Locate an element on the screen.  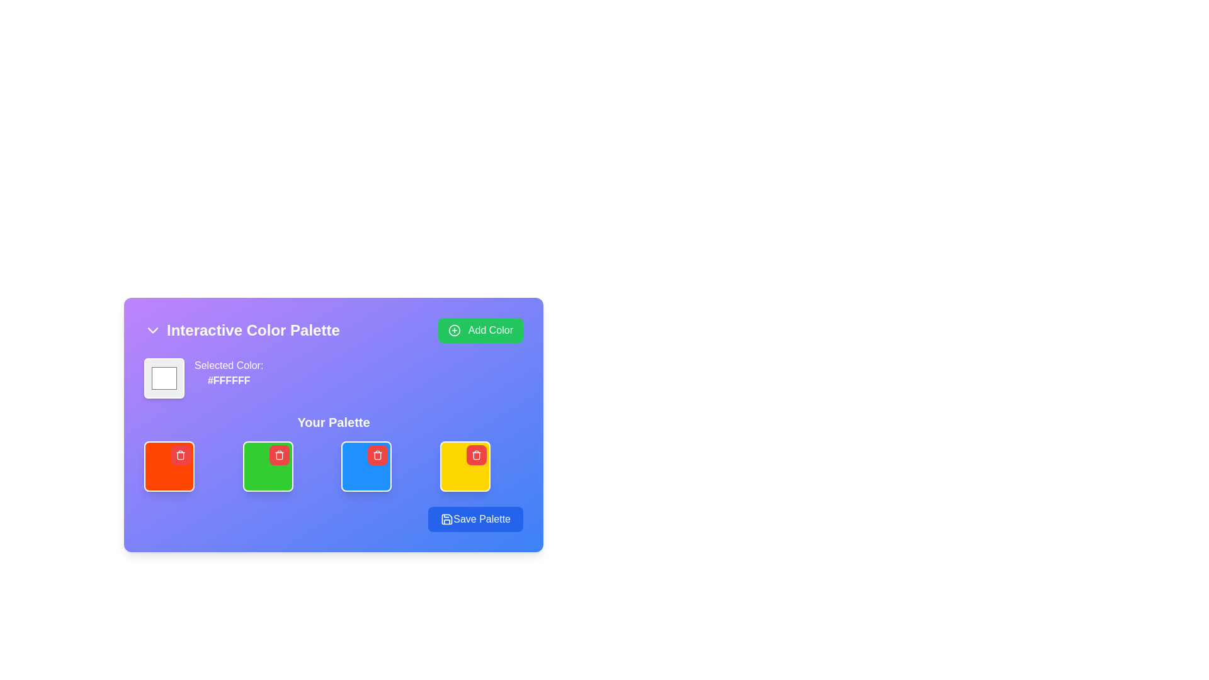
the circular '+' icon located within the 'Add Color' button at the top-right corner of the interactive color palette section is located at coordinates (453, 329).